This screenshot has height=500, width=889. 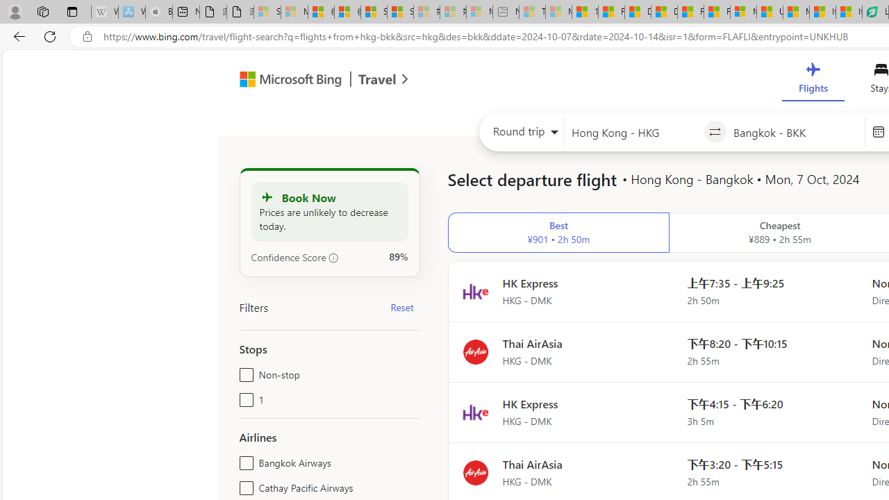 What do you see at coordinates (333, 258) in the screenshot?
I see `'Info tooltip'` at bounding box center [333, 258].